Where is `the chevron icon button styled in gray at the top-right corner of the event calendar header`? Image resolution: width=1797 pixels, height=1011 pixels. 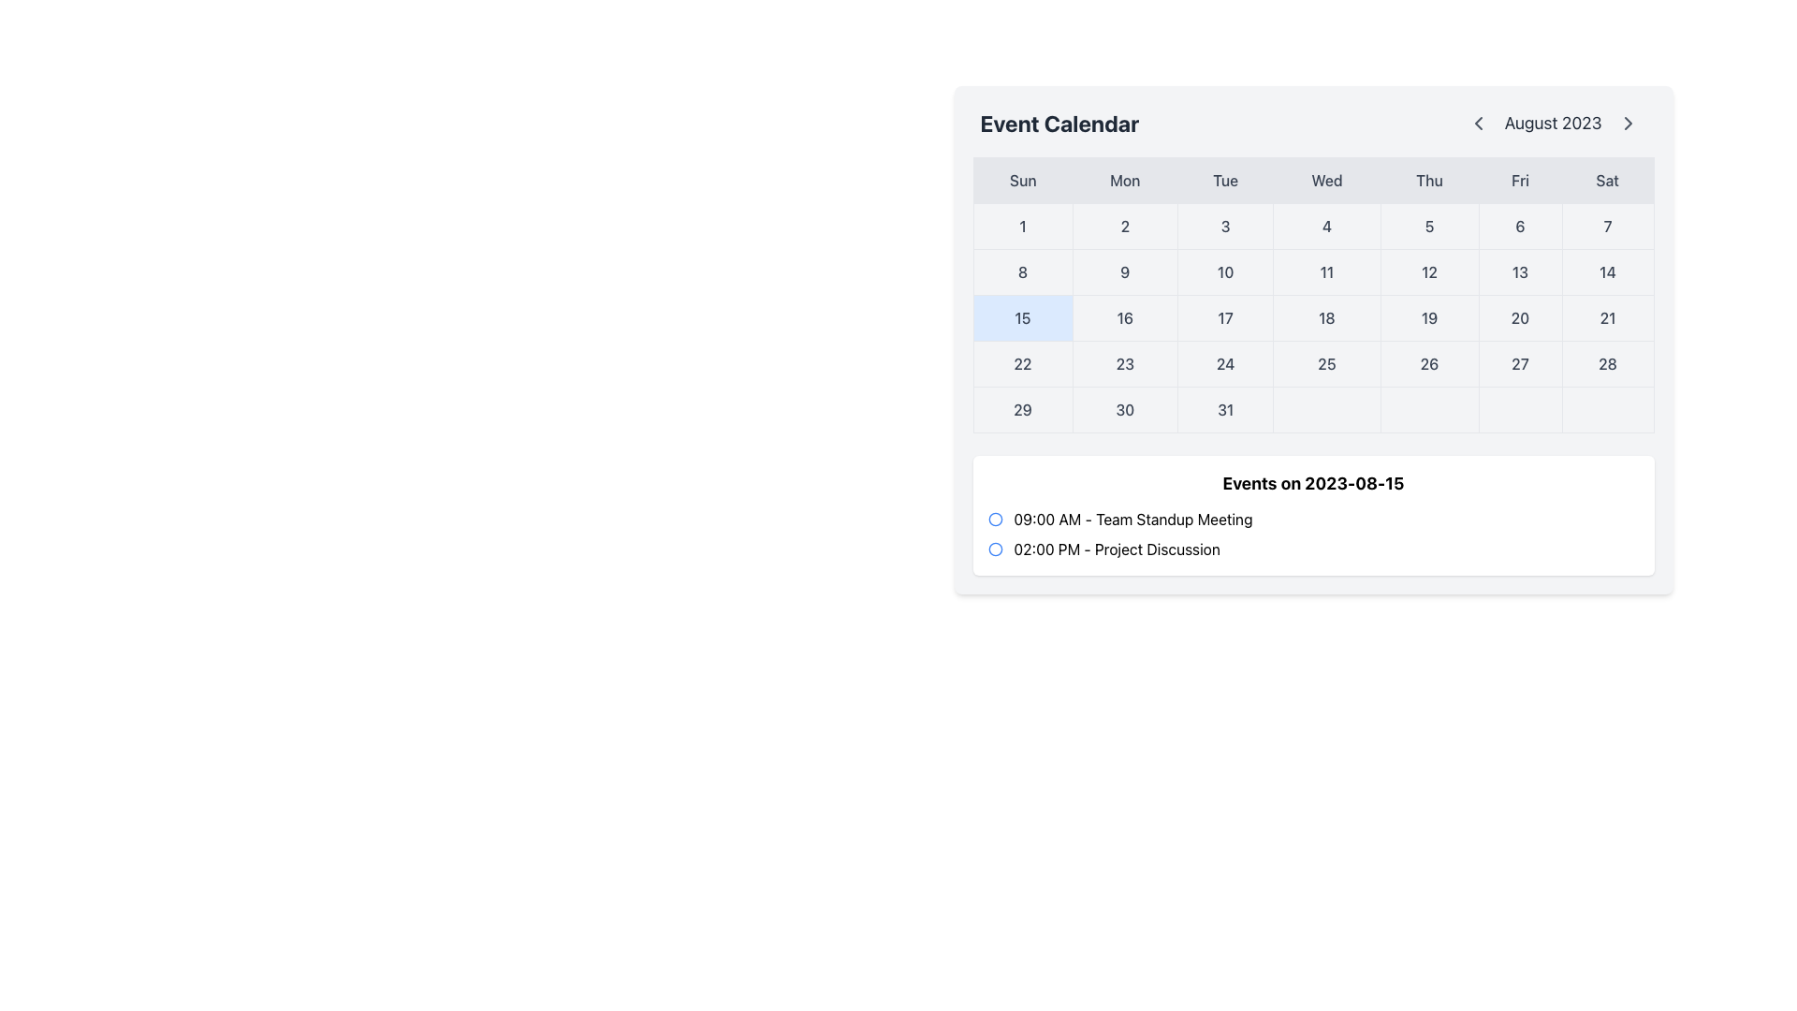 the chevron icon button styled in gray at the top-right corner of the event calendar header is located at coordinates (1627, 123).